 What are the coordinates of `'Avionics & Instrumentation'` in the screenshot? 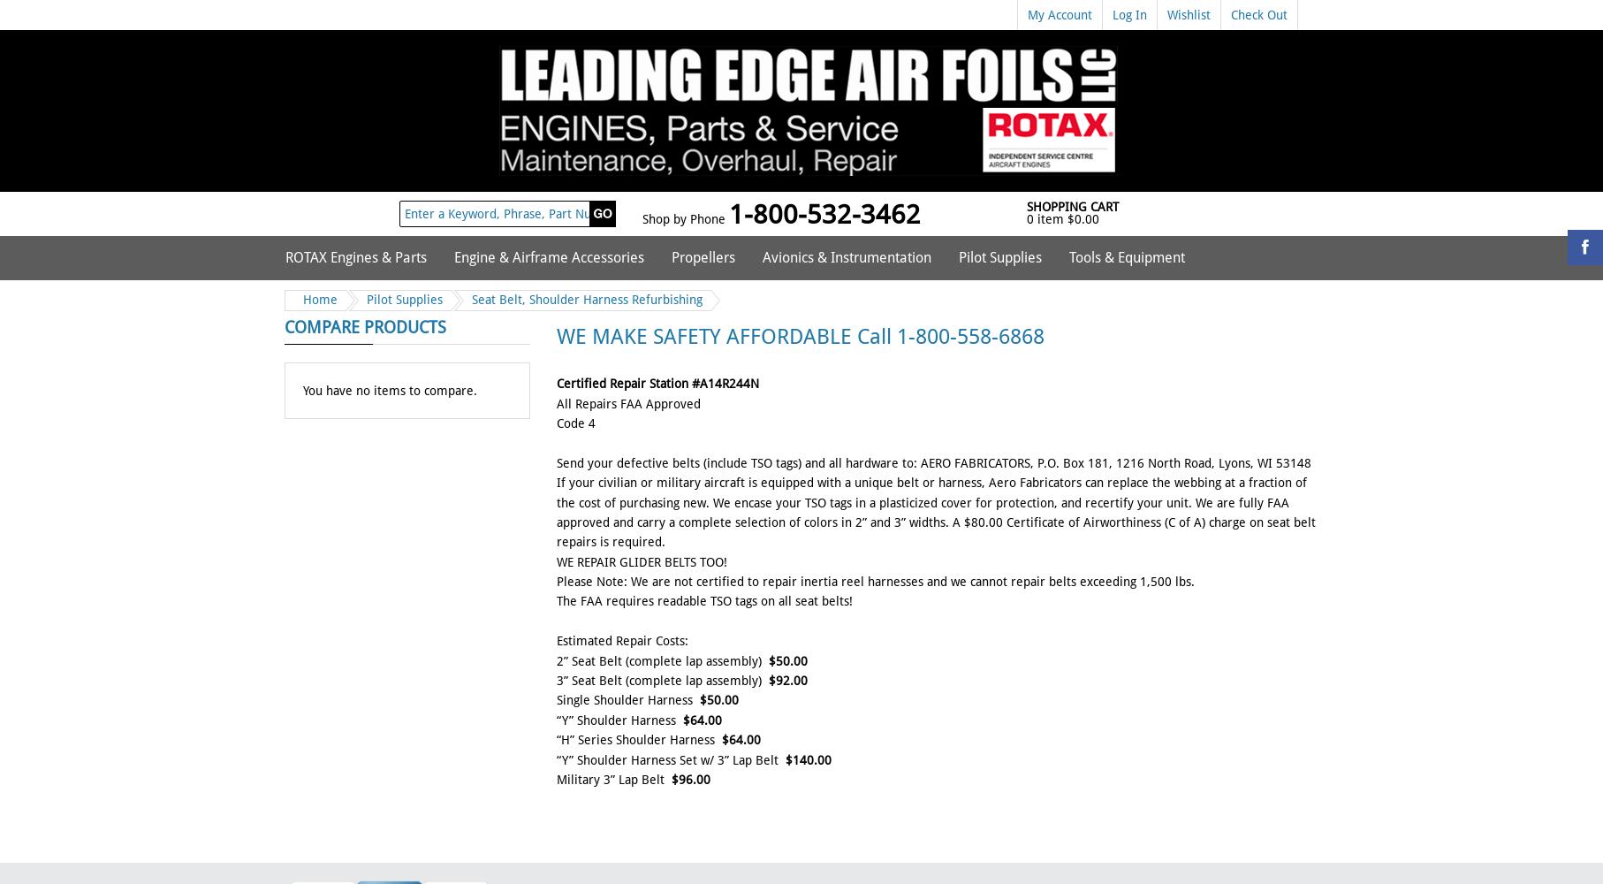 It's located at (847, 257).